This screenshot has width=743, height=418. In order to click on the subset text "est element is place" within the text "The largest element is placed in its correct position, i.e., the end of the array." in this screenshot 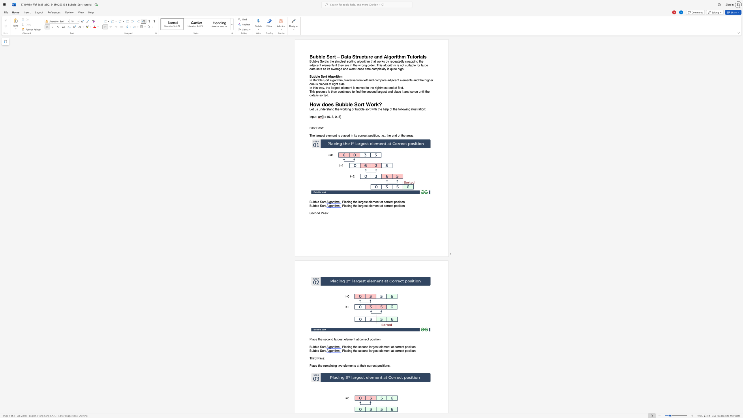, I will do `click(321, 136)`.